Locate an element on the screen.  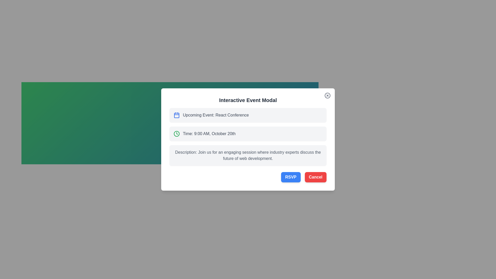
the clock icon, which has a circular outline with two hands indicating time, located to the left of the text 'Time: 9:00 AM, October 20th' in the 'Interactive Event Modal' is located at coordinates (177, 133).